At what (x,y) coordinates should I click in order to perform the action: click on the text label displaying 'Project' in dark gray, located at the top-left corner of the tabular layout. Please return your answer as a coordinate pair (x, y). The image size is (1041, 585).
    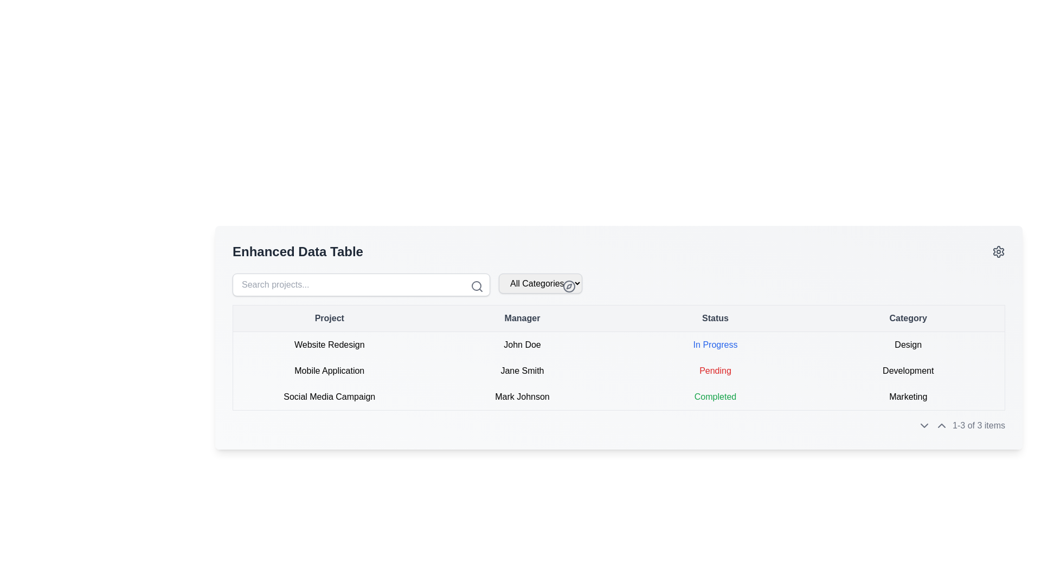
    Looking at the image, I should click on (329, 317).